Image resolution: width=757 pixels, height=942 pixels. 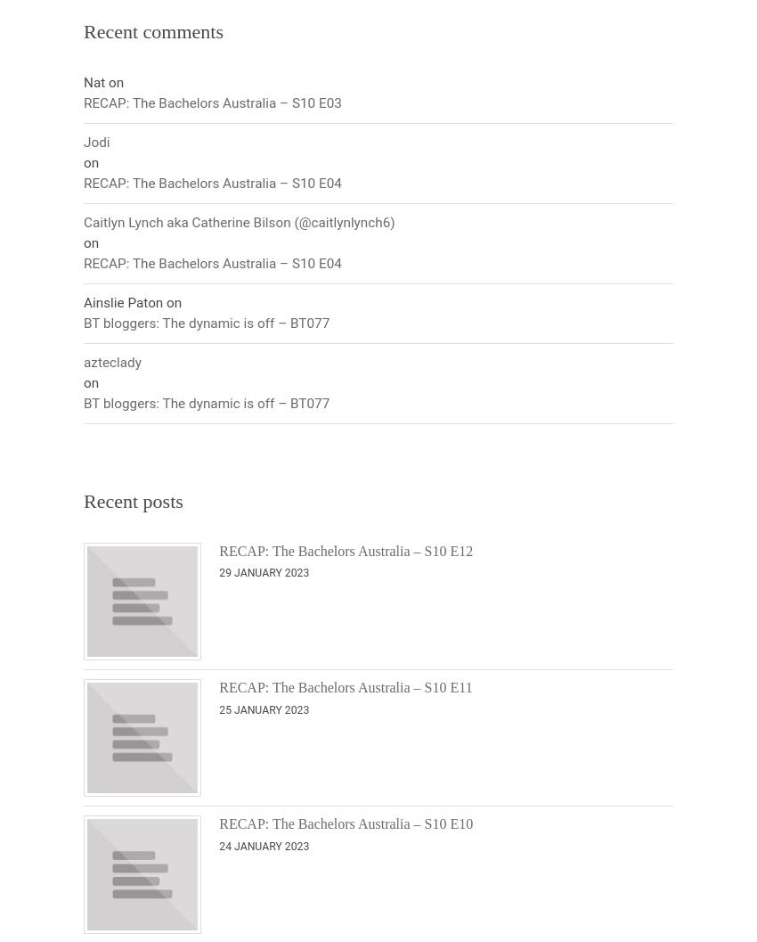 What do you see at coordinates (263, 572) in the screenshot?
I see `'29 January 2023'` at bounding box center [263, 572].